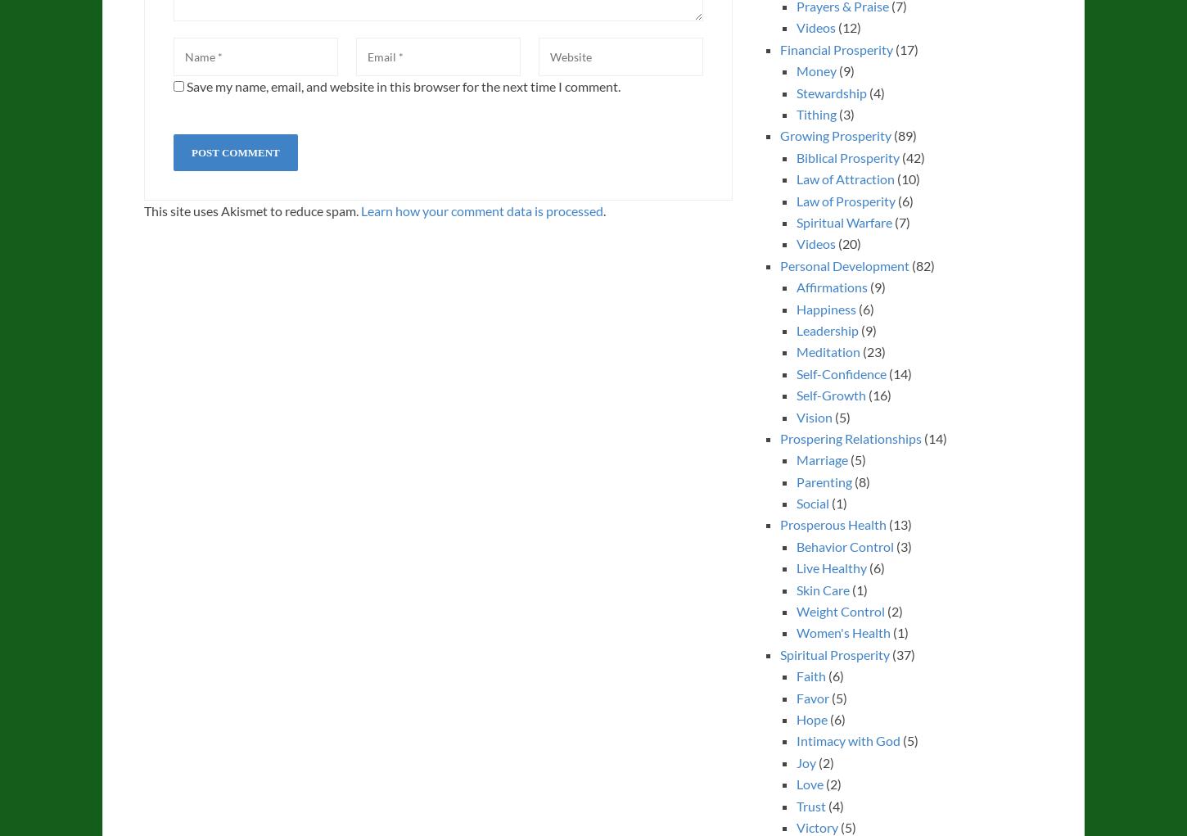  What do you see at coordinates (813, 415) in the screenshot?
I see `'Vision'` at bounding box center [813, 415].